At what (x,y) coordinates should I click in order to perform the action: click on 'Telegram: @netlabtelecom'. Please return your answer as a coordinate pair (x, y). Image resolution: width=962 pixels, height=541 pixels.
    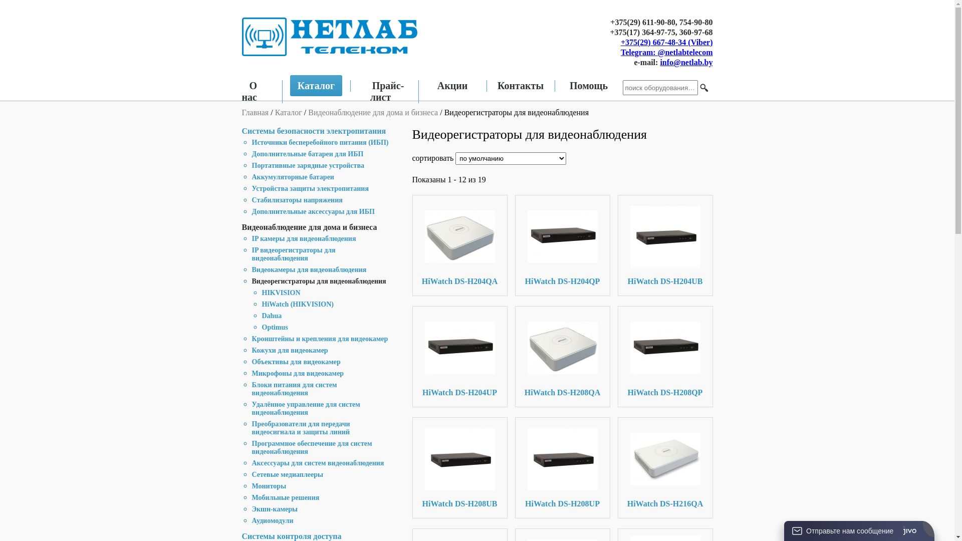
    Looking at the image, I should click on (666, 52).